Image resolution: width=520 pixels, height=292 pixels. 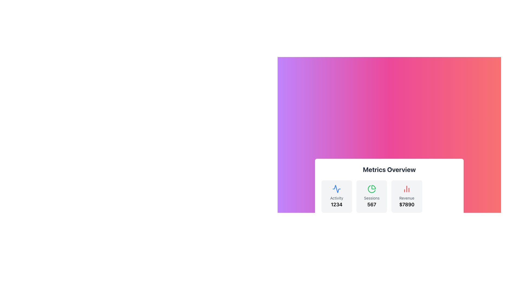 What do you see at coordinates (389, 169) in the screenshot?
I see `the 'Metrics Overview' text label, which is prominently displayed in bold and large font at the top of a white card on a colorful gradient background` at bounding box center [389, 169].